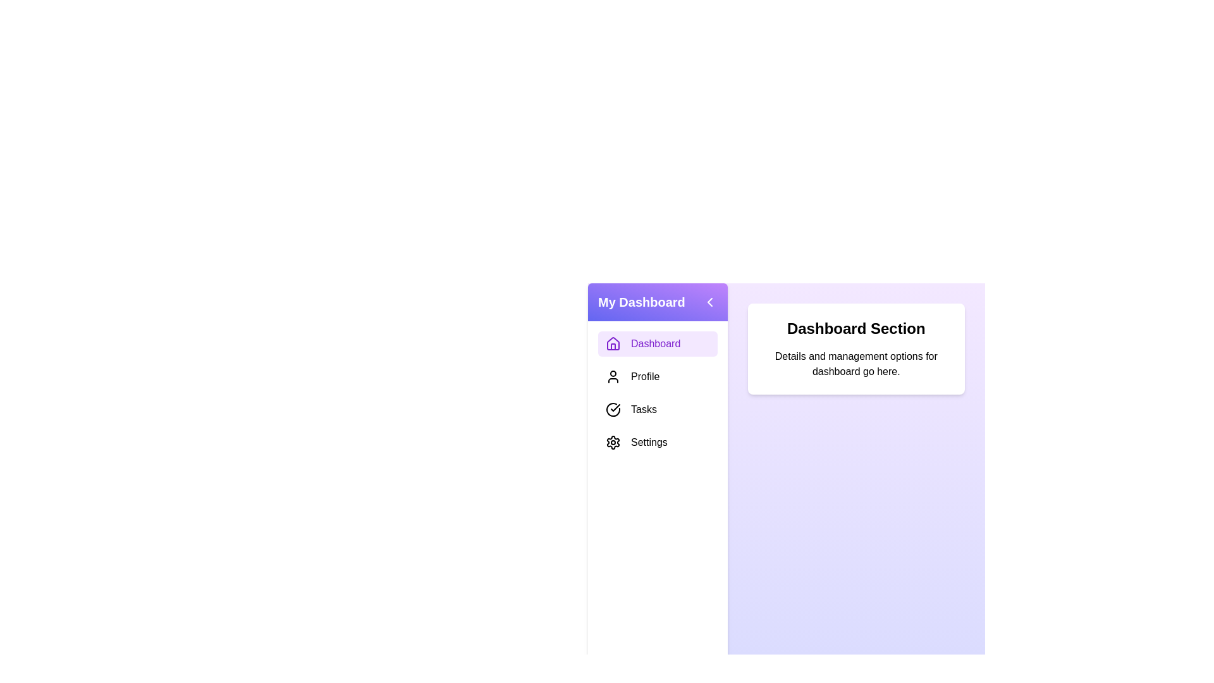  Describe the element at coordinates (613, 441) in the screenshot. I see `the gear-shaped icon in the sidebar navigation menu` at that location.